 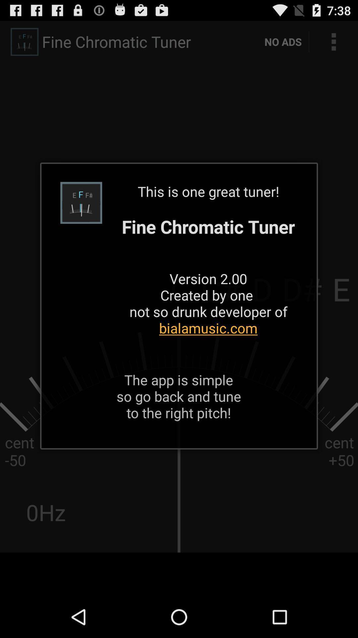 What do you see at coordinates (208, 268) in the screenshot?
I see `this is one icon` at bounding box center [208, 268].